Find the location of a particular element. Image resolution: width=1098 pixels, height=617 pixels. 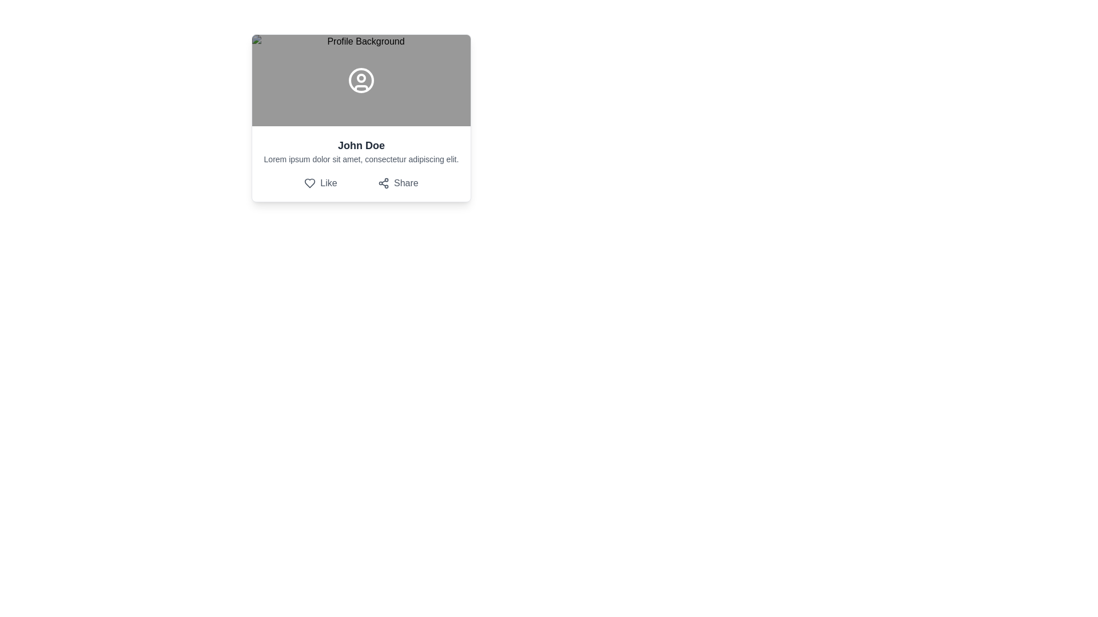

the 'Share' button icon which is a minimalistic gray 'share' symbol consisting of three interconnected circles, located at the bottom-right corner of the card interface is located at coordinates (384, 182).